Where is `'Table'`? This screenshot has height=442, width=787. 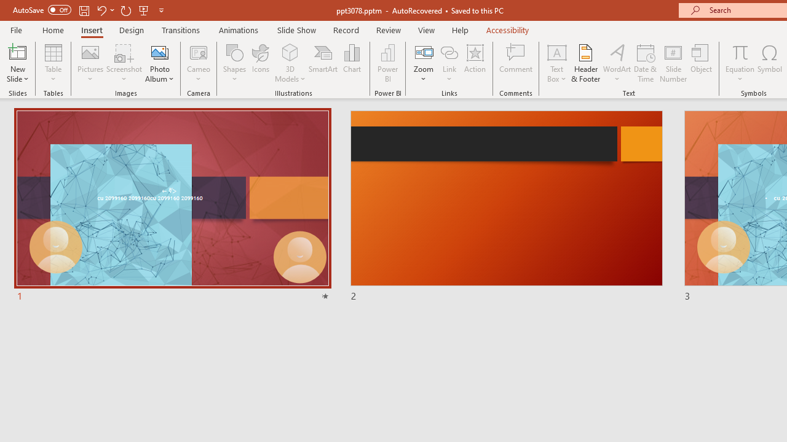 'Table' is located at coordinates (53, 63).